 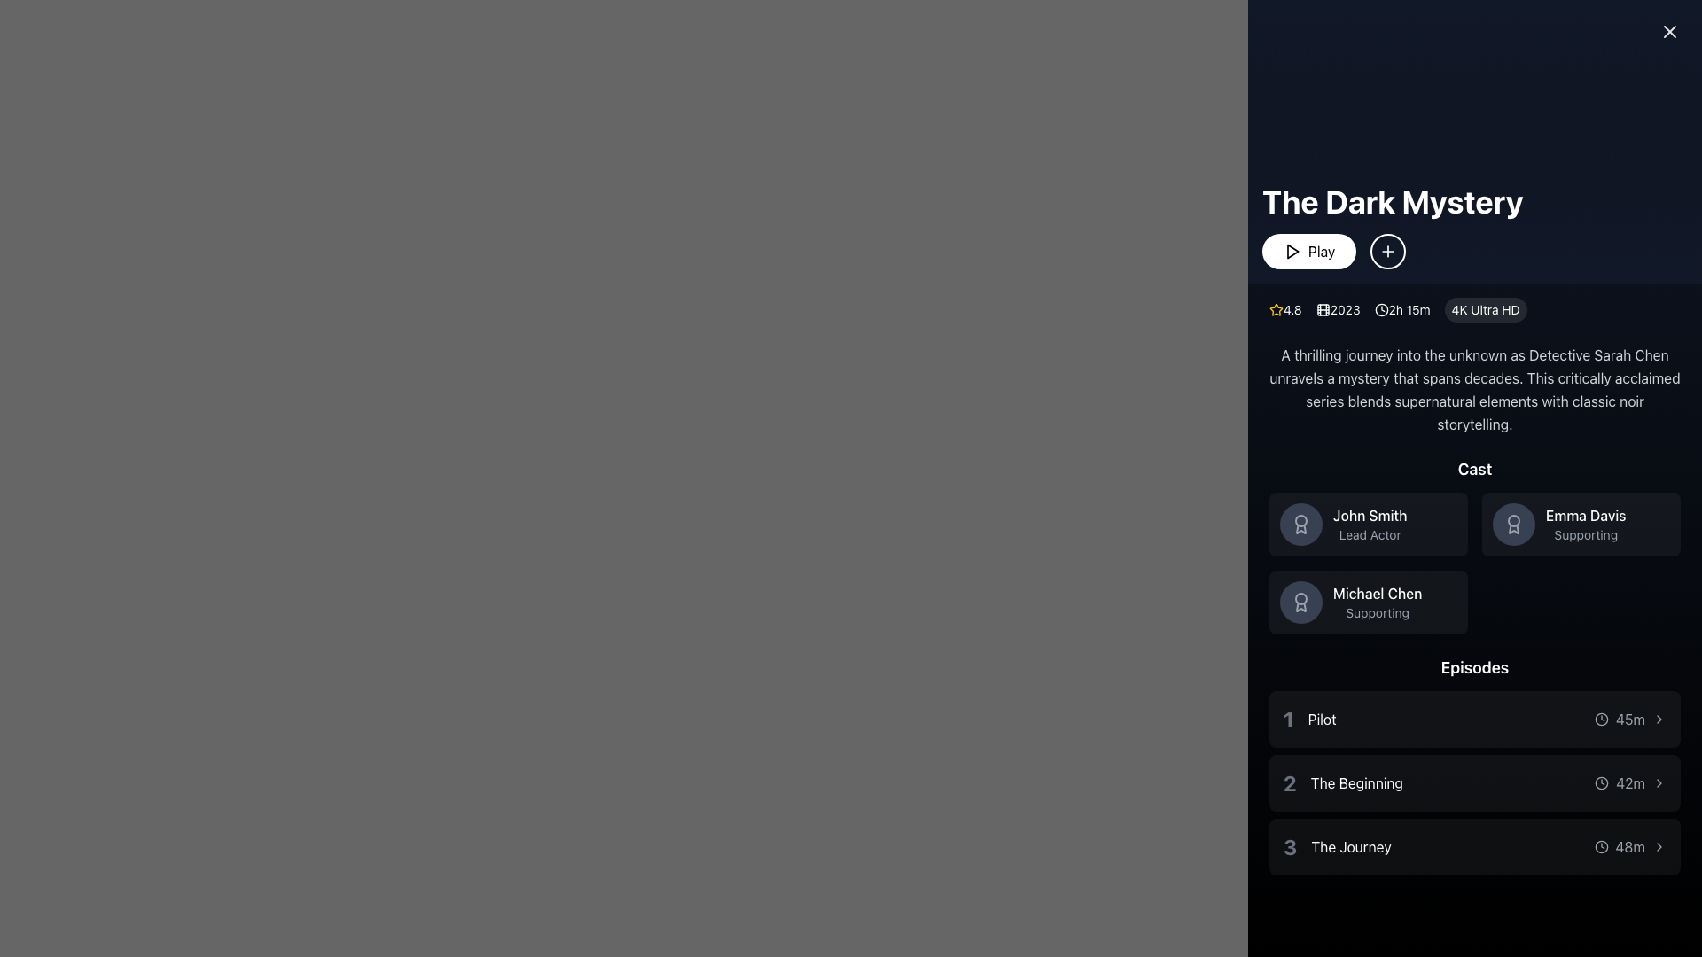 I want to click on the non-interactive decorative SVG element (circle) that serves as the circular outline of the clock icon next to the episode duration in the second episode card titled 'The Beginning', so click(x=1602, y=782).